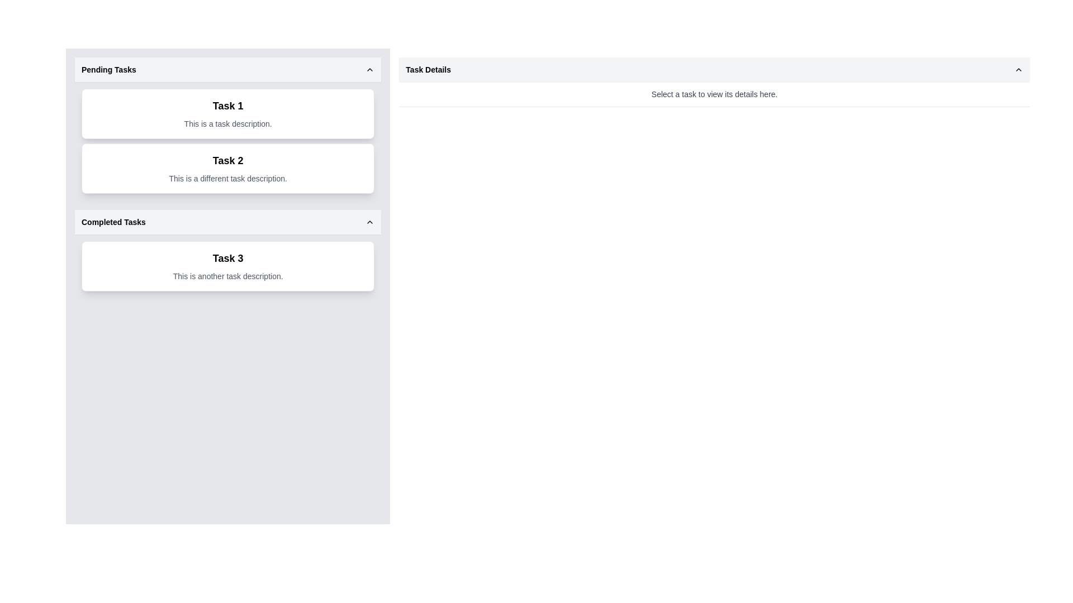 Image resolution: width=1073 pixels, height=603 pixels. I want to click on the Information panel that displays 'Task 3' and its description, so click(227, 266).